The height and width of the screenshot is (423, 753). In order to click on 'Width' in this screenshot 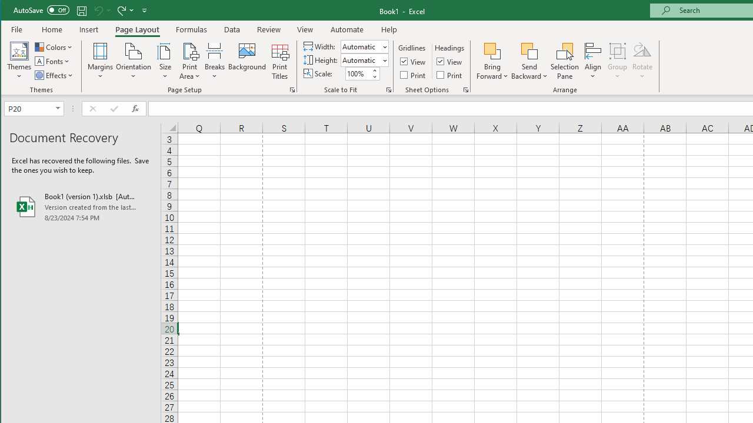, I will do `click(364, 46)`.